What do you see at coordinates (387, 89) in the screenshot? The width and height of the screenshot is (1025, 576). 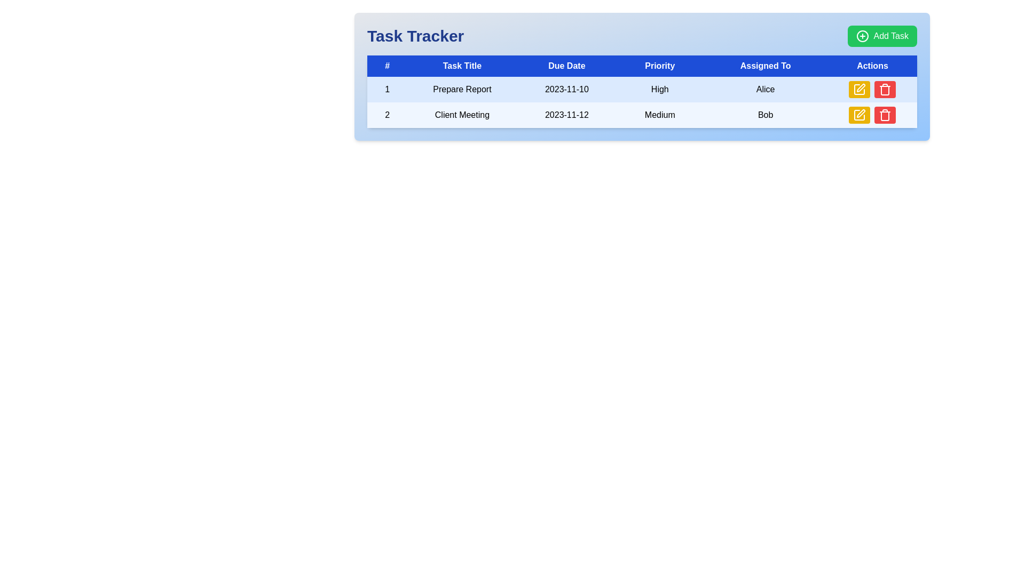 I see `the first table cell that indicates the row number, located directly under the '#' header in the blue-colored header row` at bounding box center [387, 89].